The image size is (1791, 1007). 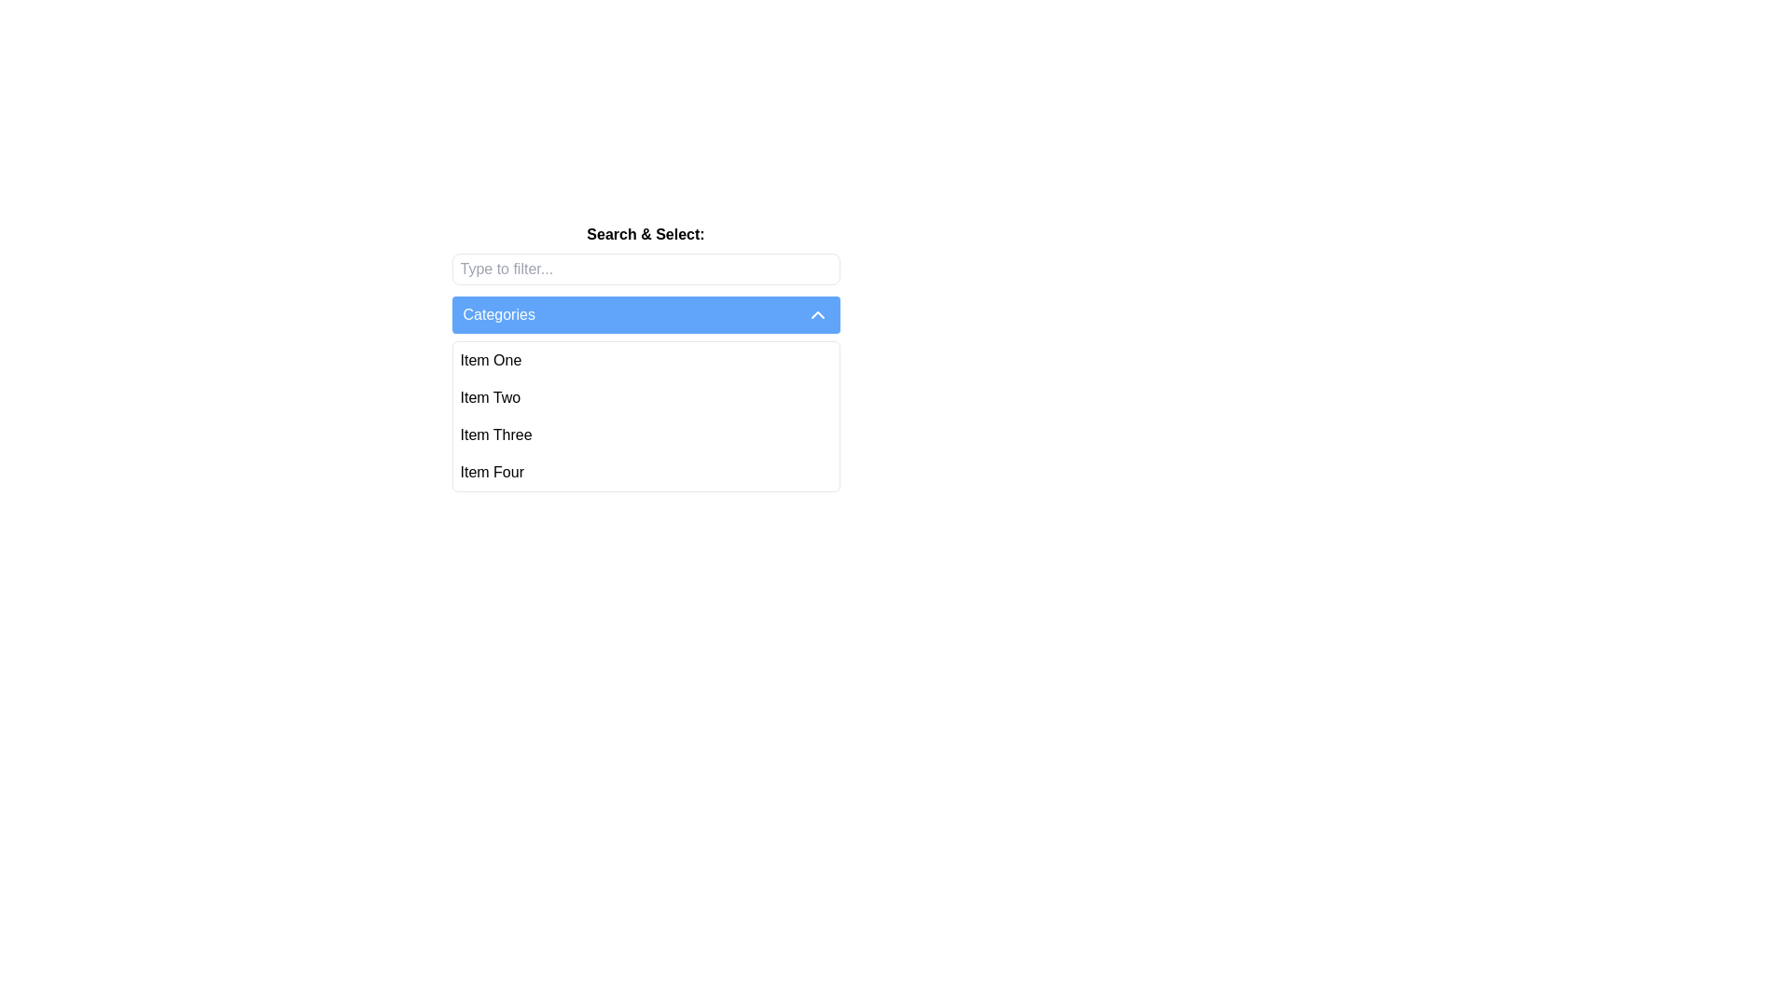 What do you see at coordinates (490, 397) in the screenshot?
I see `the second item in the dropdown menu under the 'Categories' header` at bounding box center [490, 397].